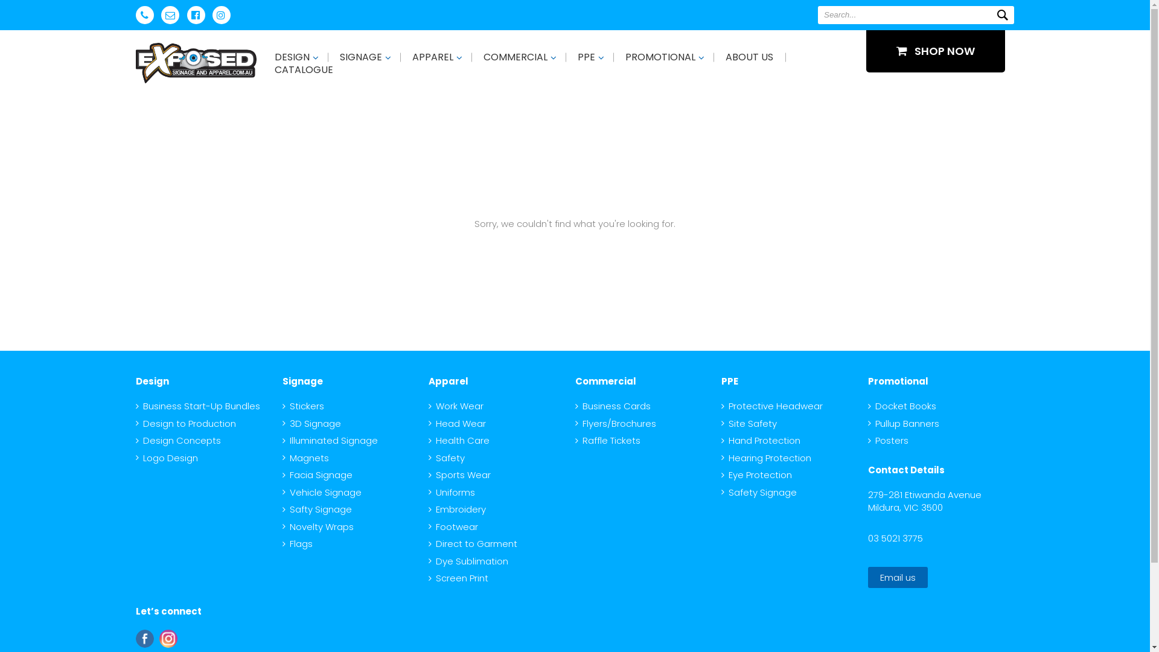  What do you see at coordinates (429, 406) in the screenshot?
I see `'Work Wear'` at bounding box center [429, 406].